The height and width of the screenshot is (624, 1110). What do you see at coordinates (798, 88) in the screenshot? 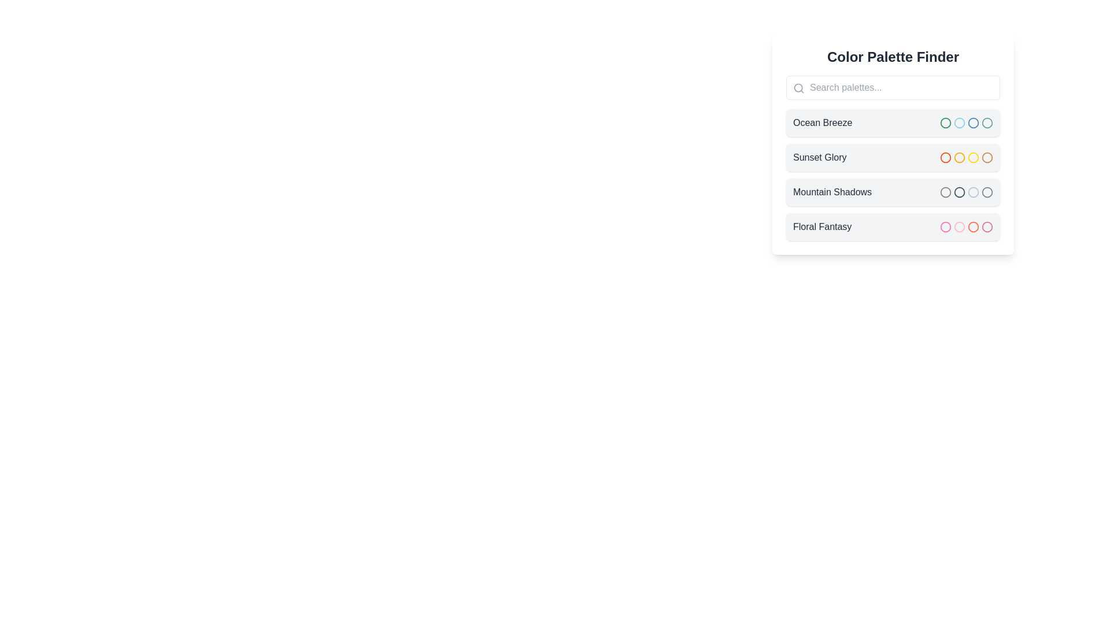
I see `the search icon resembling a magnifying glass, located inside the text input field with the placeholder 'Search palettes...', positioned towards the left of the field in the 'Color Palette Finder' section` at bounding box center [798, 88].